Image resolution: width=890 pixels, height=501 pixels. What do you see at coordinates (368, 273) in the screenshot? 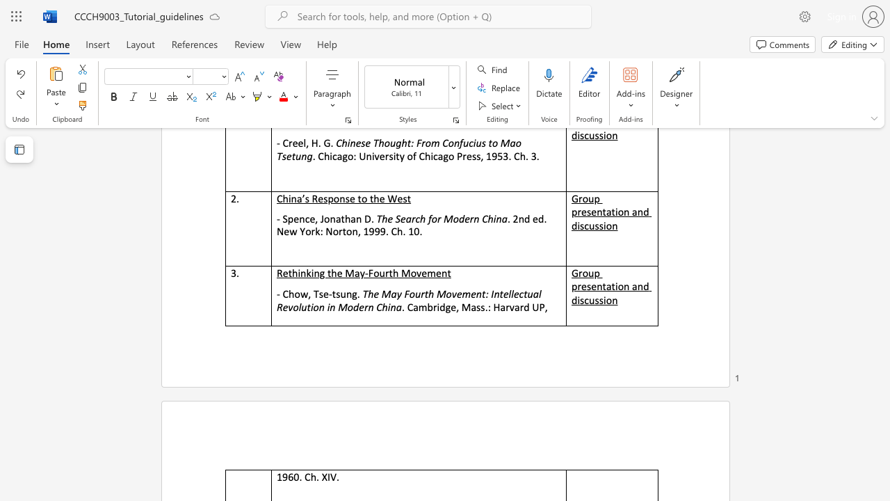
I see `the subset text "Fourth Mov" within the text "Rethinking the May-Fourth Movement"` at bounding box center [368, 273].